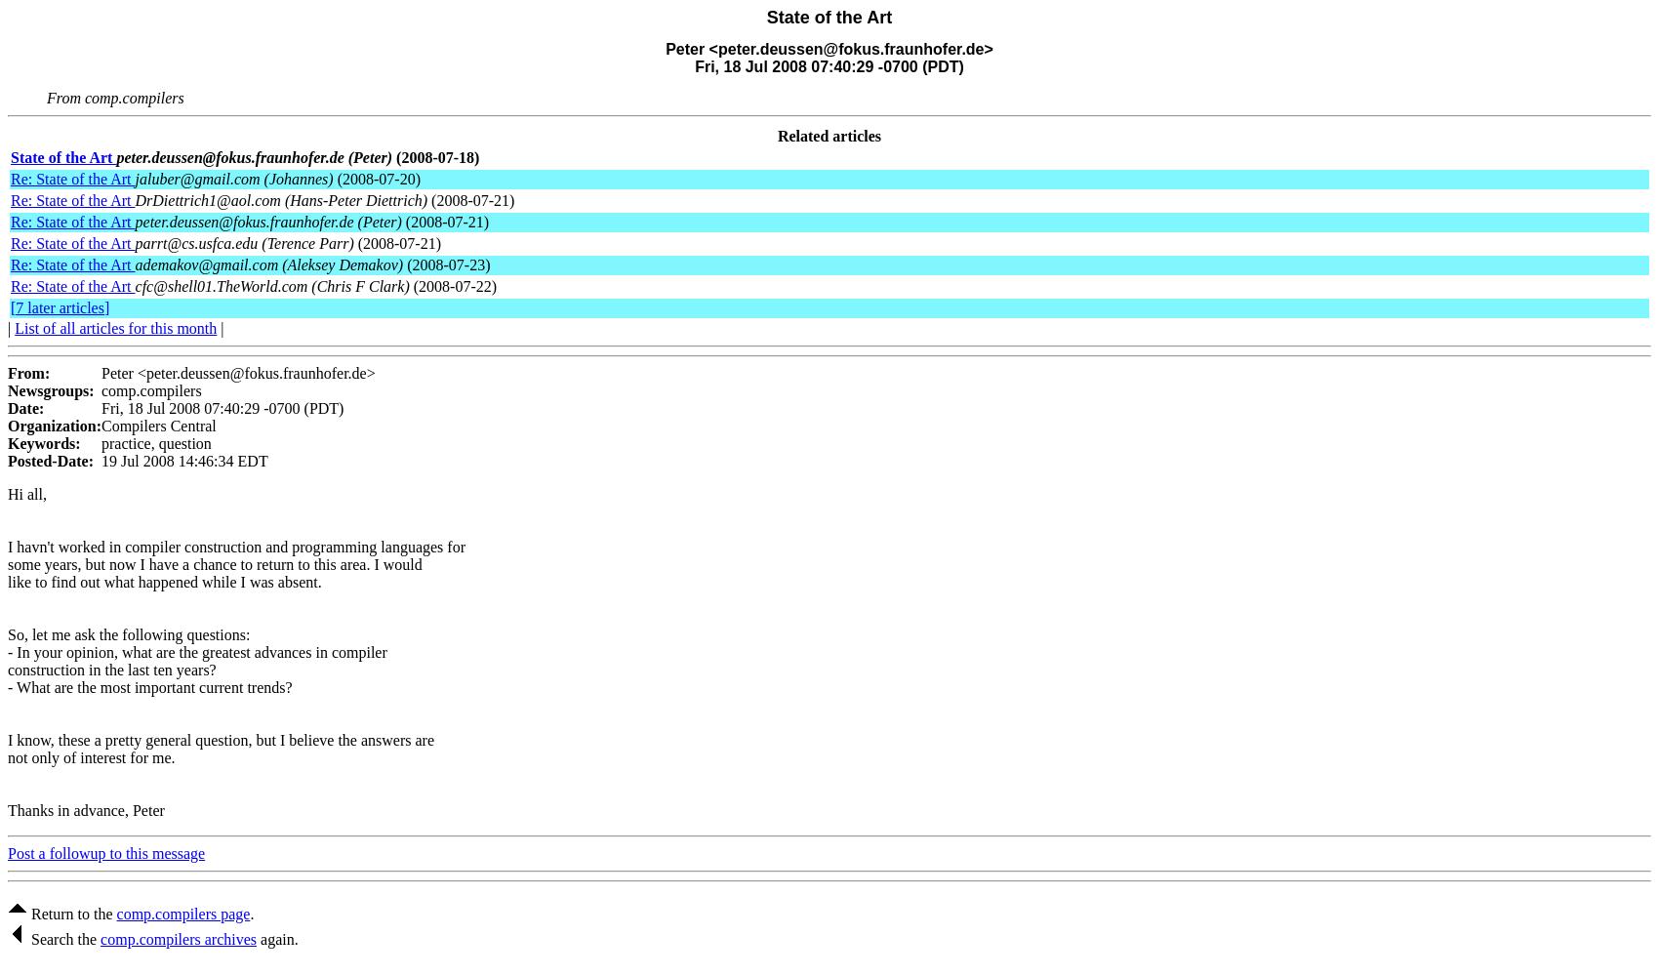  Describe the element at coordinates (127, 633) in the screenshot. I see `'So, let me ask the following questions:'` at that location.